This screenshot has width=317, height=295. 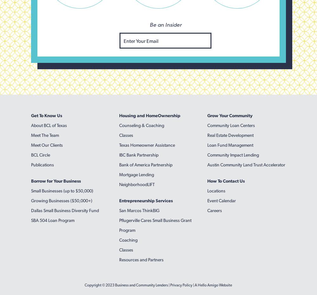 I want to click on 'Borrow for Your Business', so click(x=56, y=181).